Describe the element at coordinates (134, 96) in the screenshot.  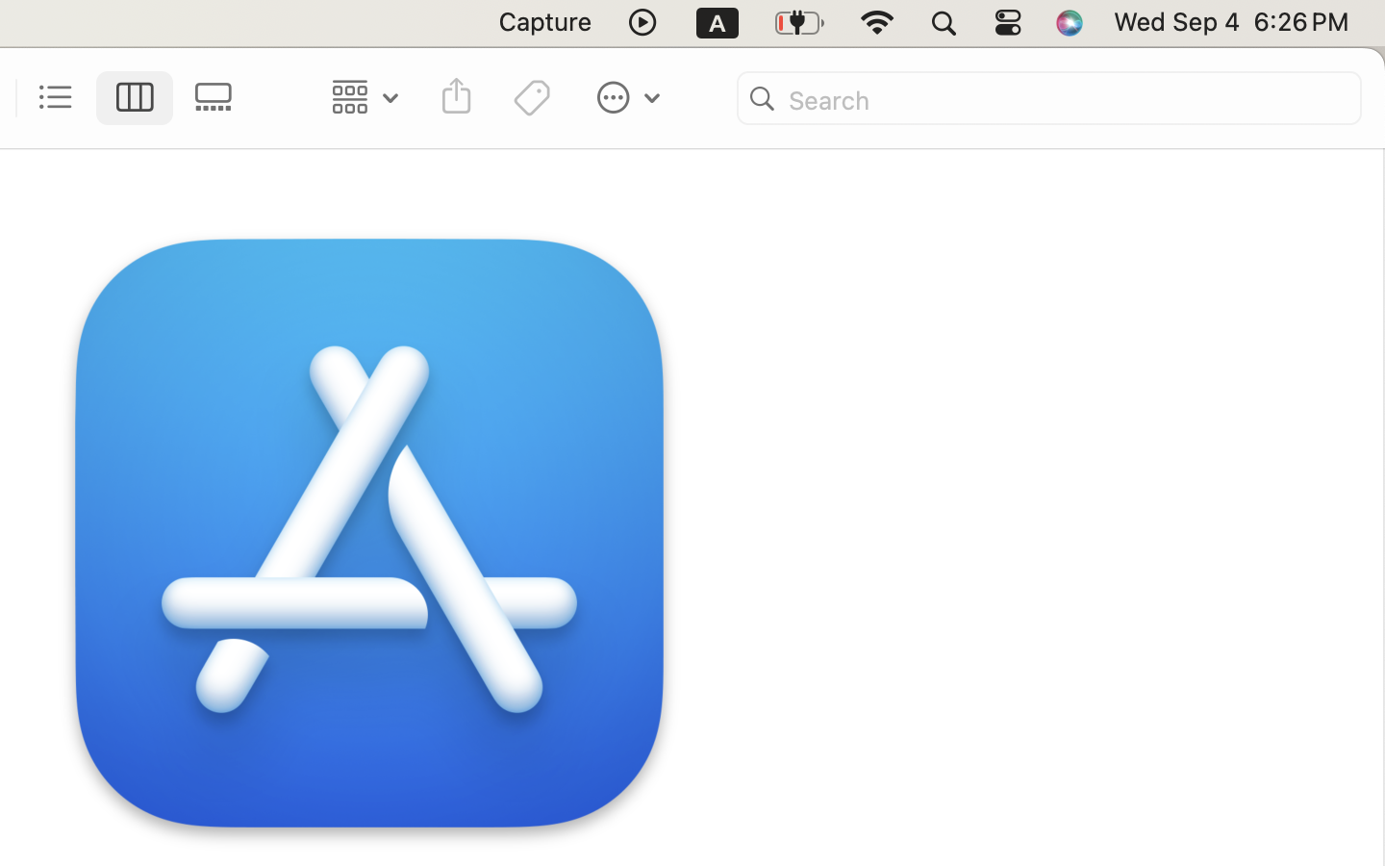
I see `'1'` at that location.